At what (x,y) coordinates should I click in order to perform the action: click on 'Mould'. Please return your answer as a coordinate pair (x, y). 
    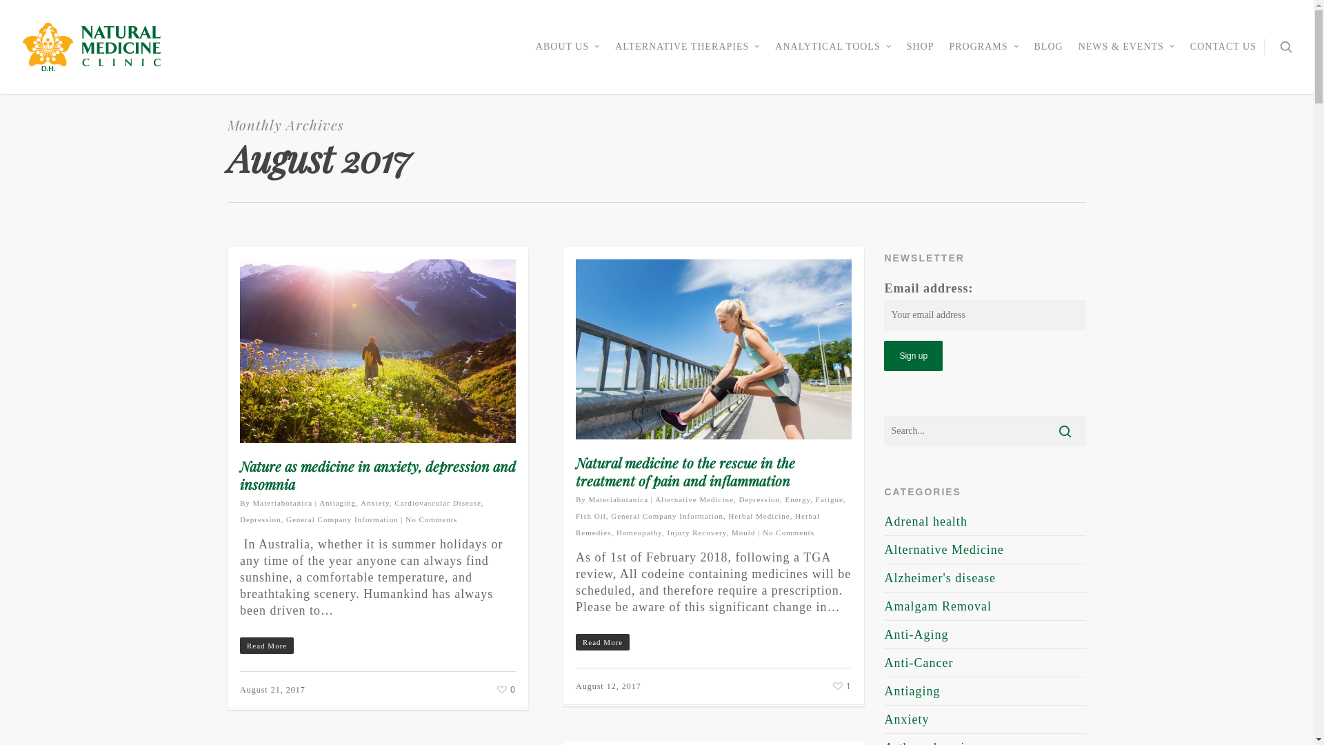
    Looking at the image, I should click on (730, 531).